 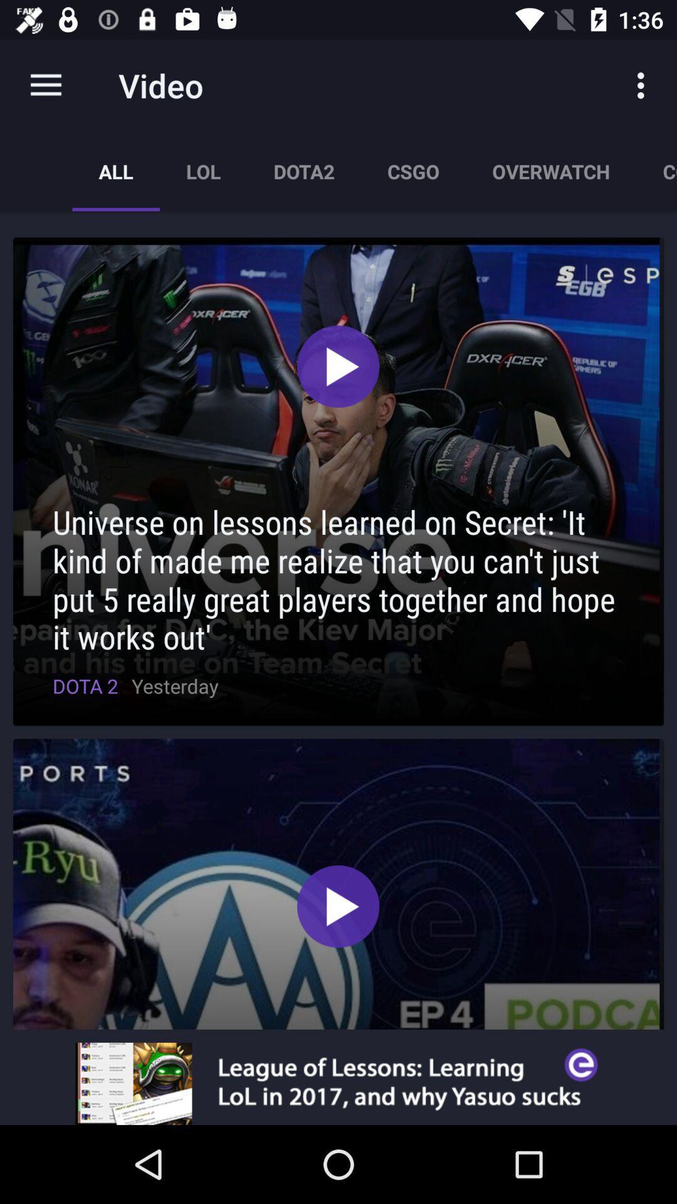 What do you see at coordinates (338, 1083) in the screenshot?
I see `advertising` at bounding box center [338, 1083].